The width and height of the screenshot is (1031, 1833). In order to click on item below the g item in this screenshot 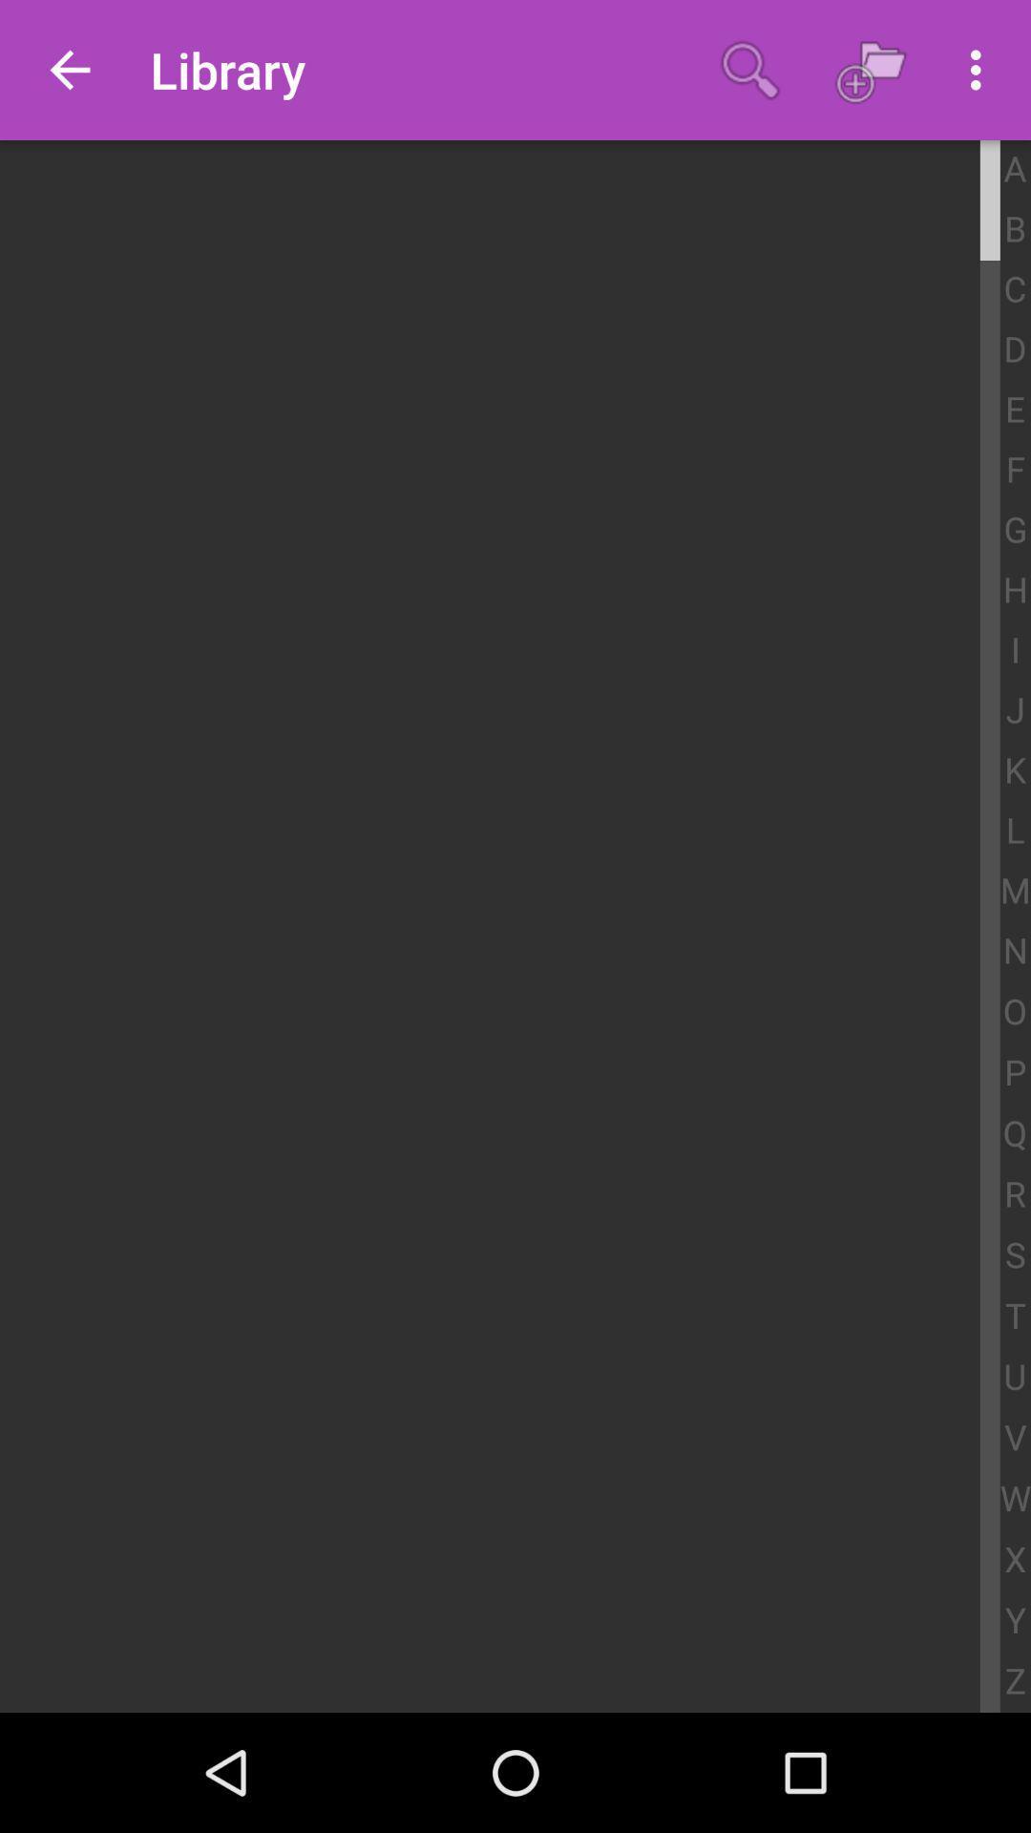, I will do `click(1014, 590)`.